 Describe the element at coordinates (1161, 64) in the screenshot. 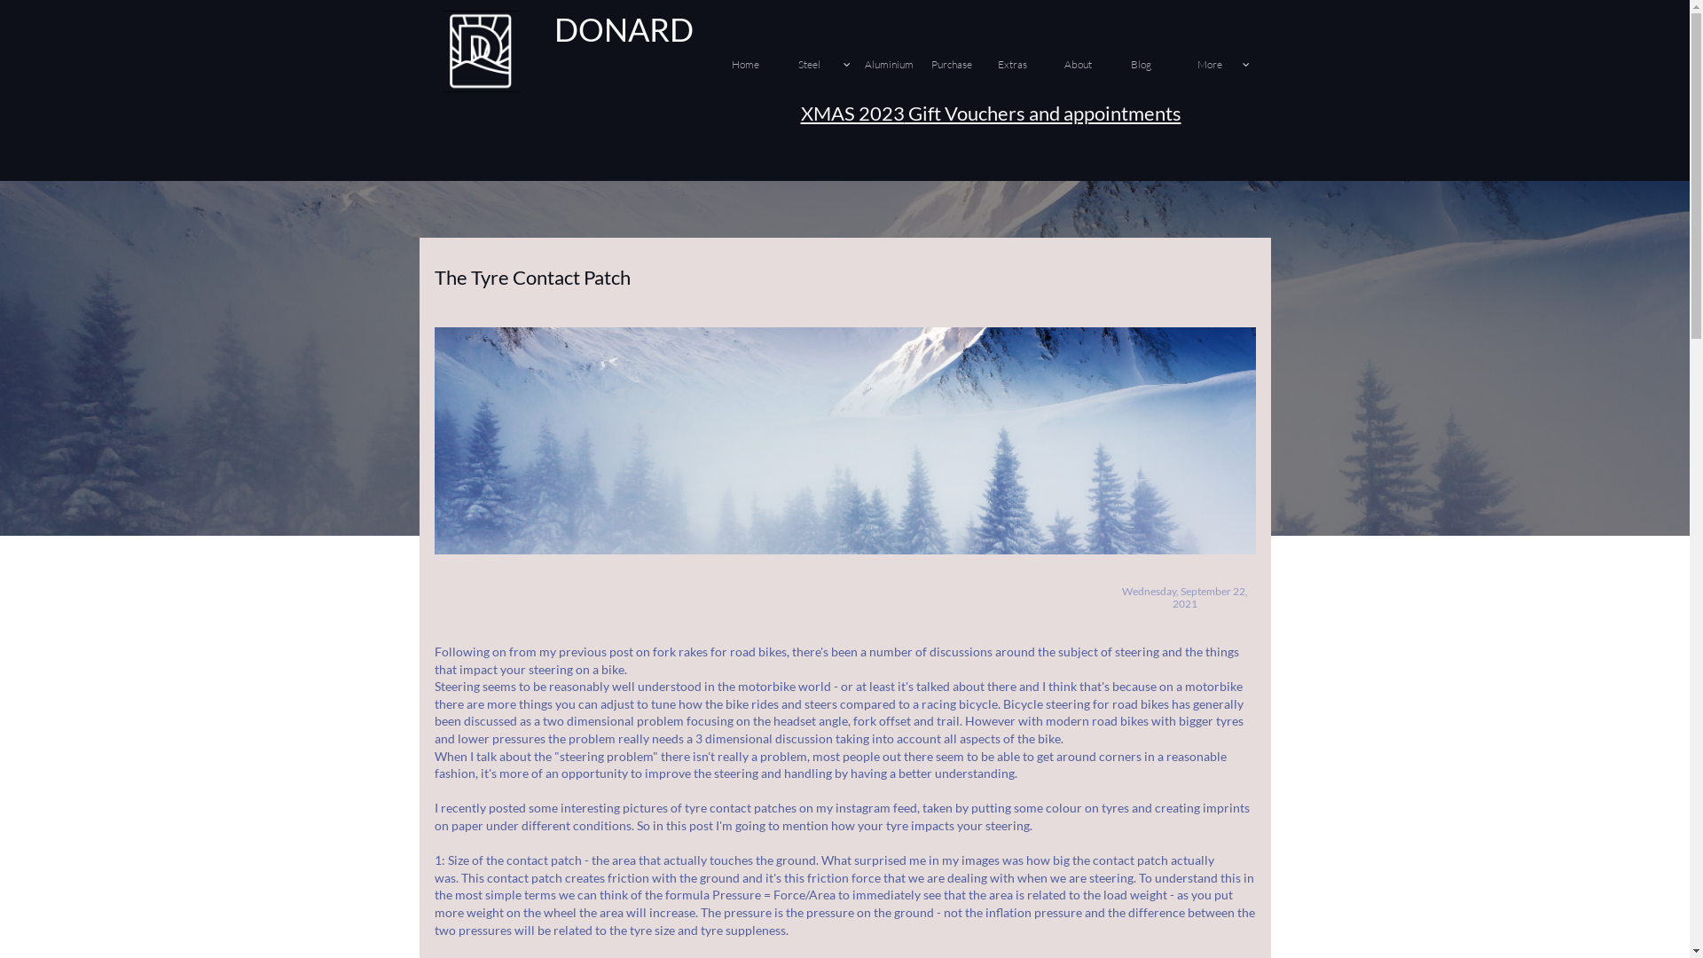

I see `'Blog'` at that location.